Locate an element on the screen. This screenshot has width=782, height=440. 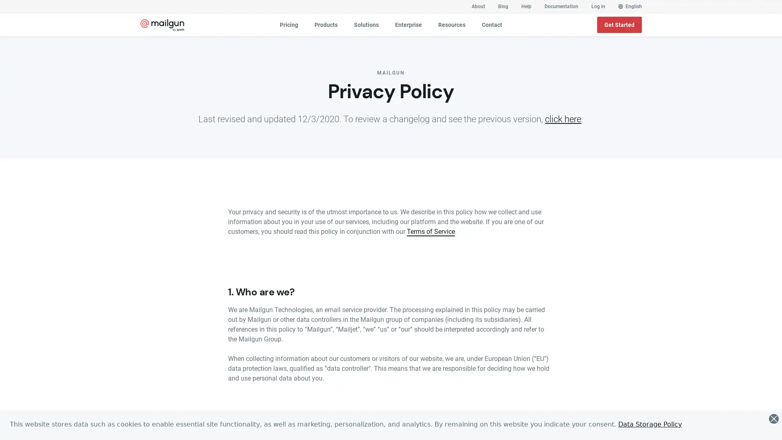
Products is located at coordinates (325, 24).